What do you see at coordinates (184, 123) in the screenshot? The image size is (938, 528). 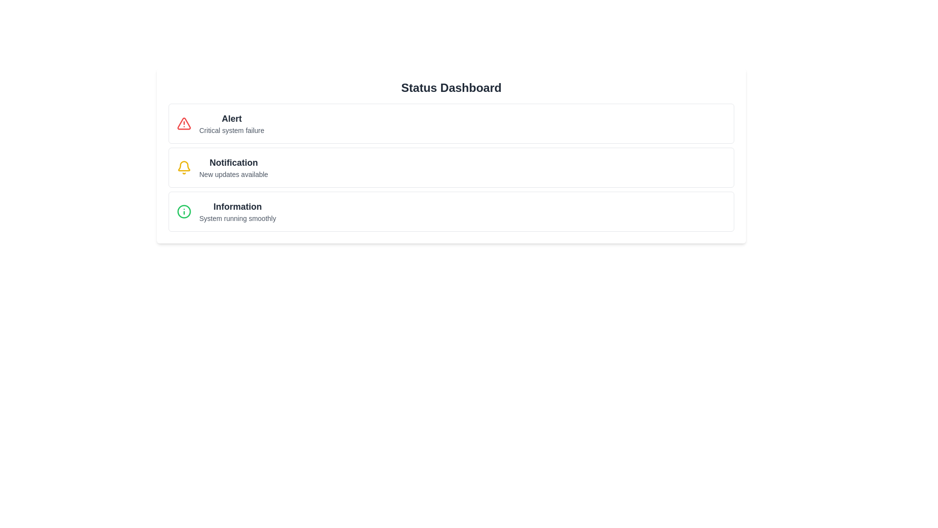 I see `the alert by interacting with the alert indicator icon located to the left of the title 'Alert' in the first entry of the notification list` at bounding box center [184, 123].